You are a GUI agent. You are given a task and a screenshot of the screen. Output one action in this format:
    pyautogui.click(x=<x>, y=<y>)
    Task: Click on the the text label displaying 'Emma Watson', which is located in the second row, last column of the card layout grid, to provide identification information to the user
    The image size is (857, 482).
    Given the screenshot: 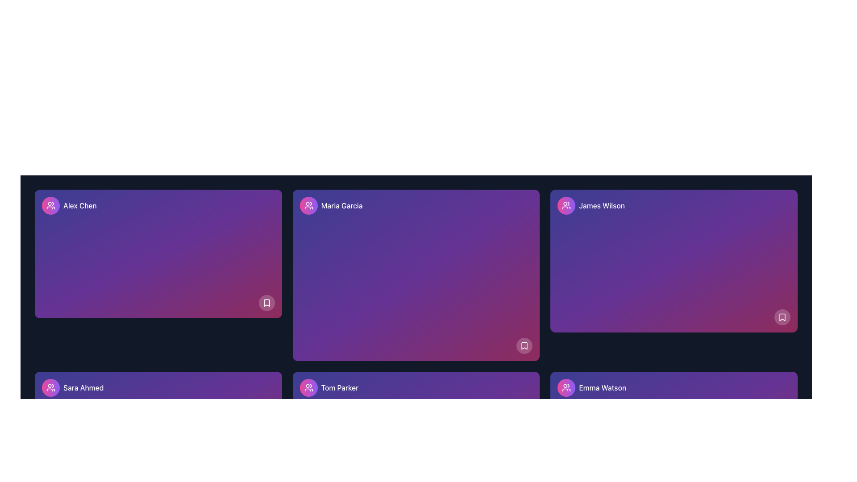 What is the action you would take?
    pyautogui.click(x=603, y=387)
    